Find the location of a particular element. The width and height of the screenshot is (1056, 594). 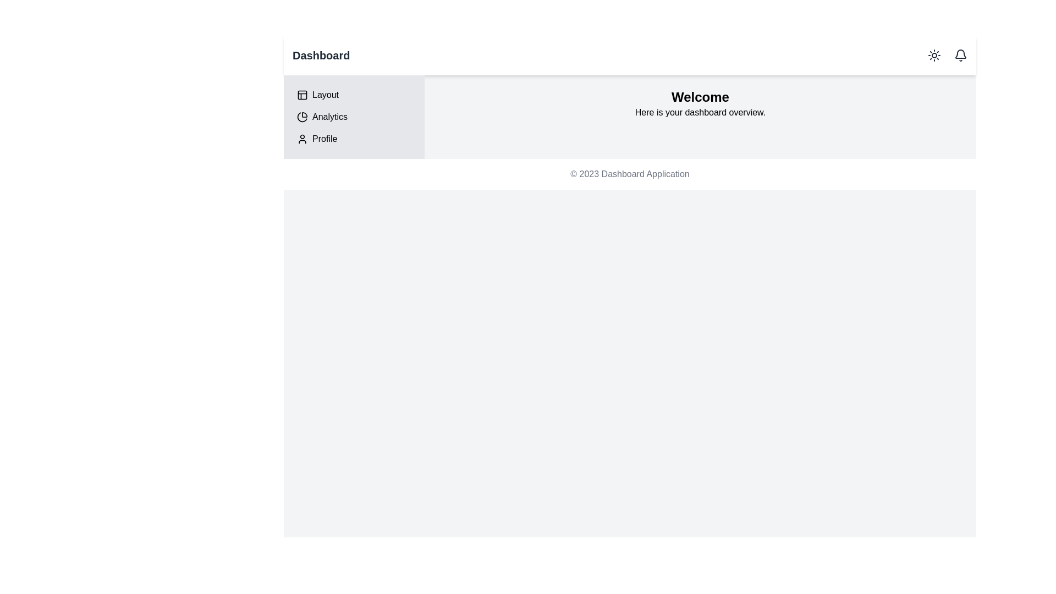

the profile menu icon located to the left of the 'Profile' label is located at coordinates (302, 139).